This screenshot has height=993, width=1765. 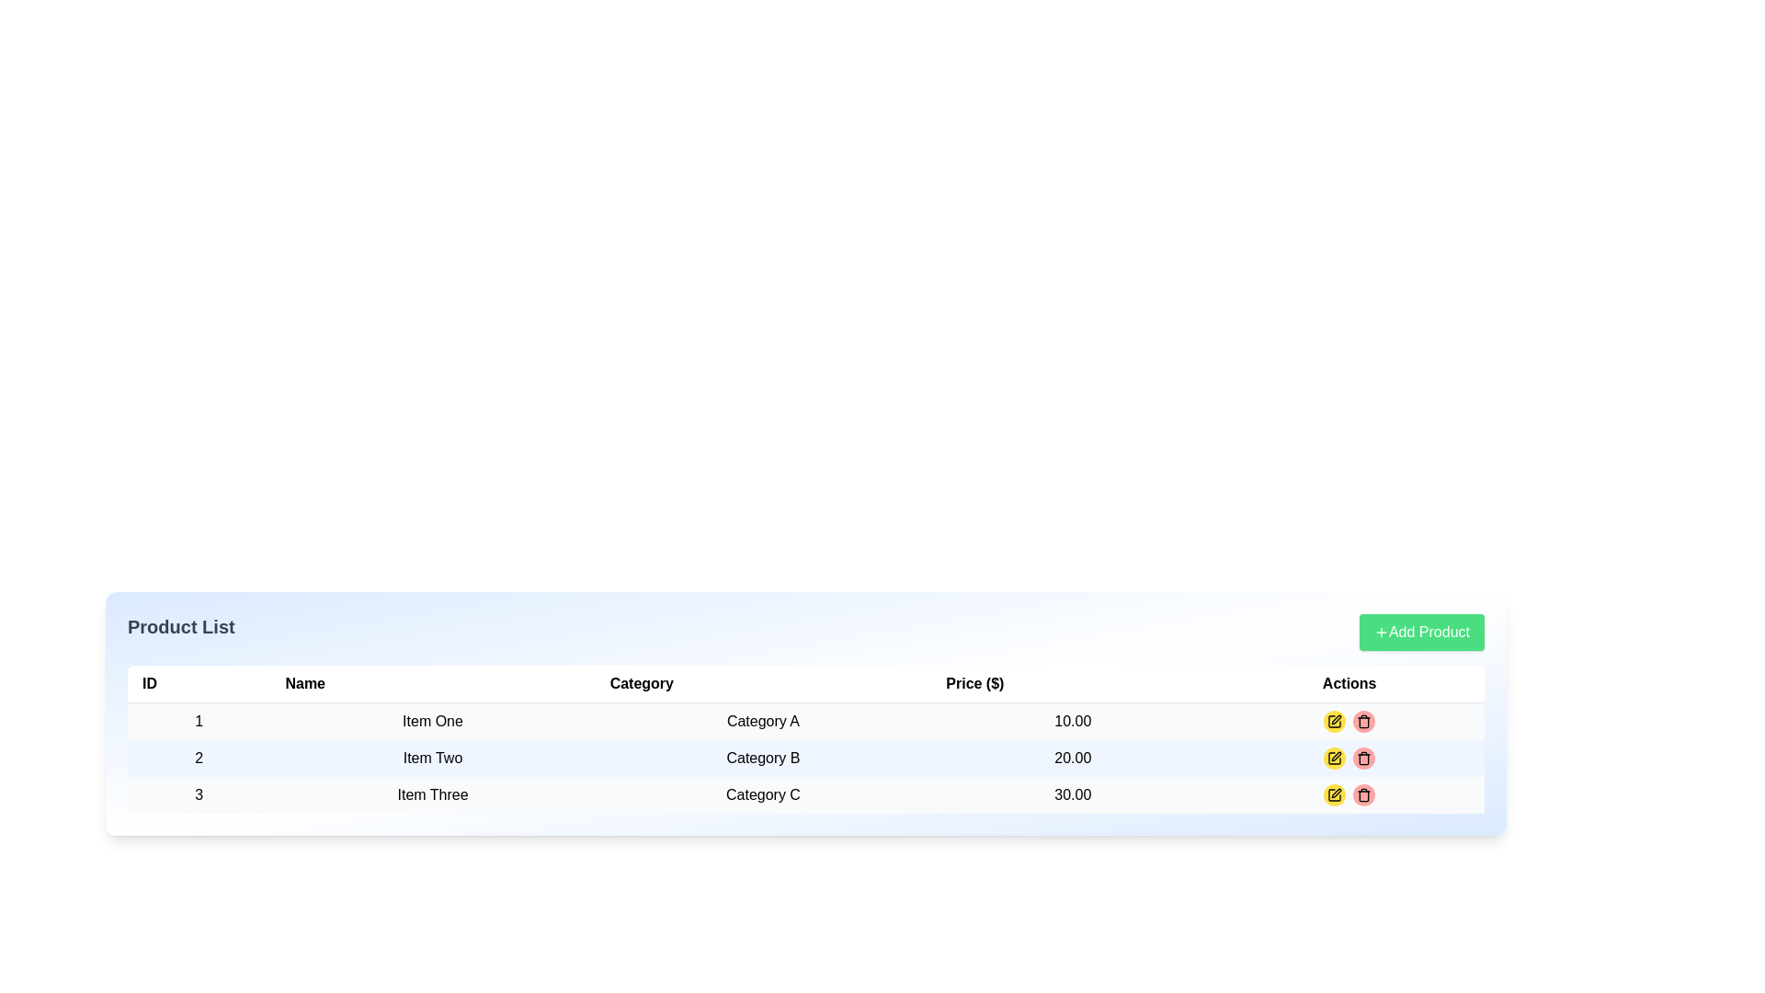 What do you see at coordinates (1349, 759) in the screenshot?
I see `the red trash icon in the Actions control group` at bounding box center [1349, 759].